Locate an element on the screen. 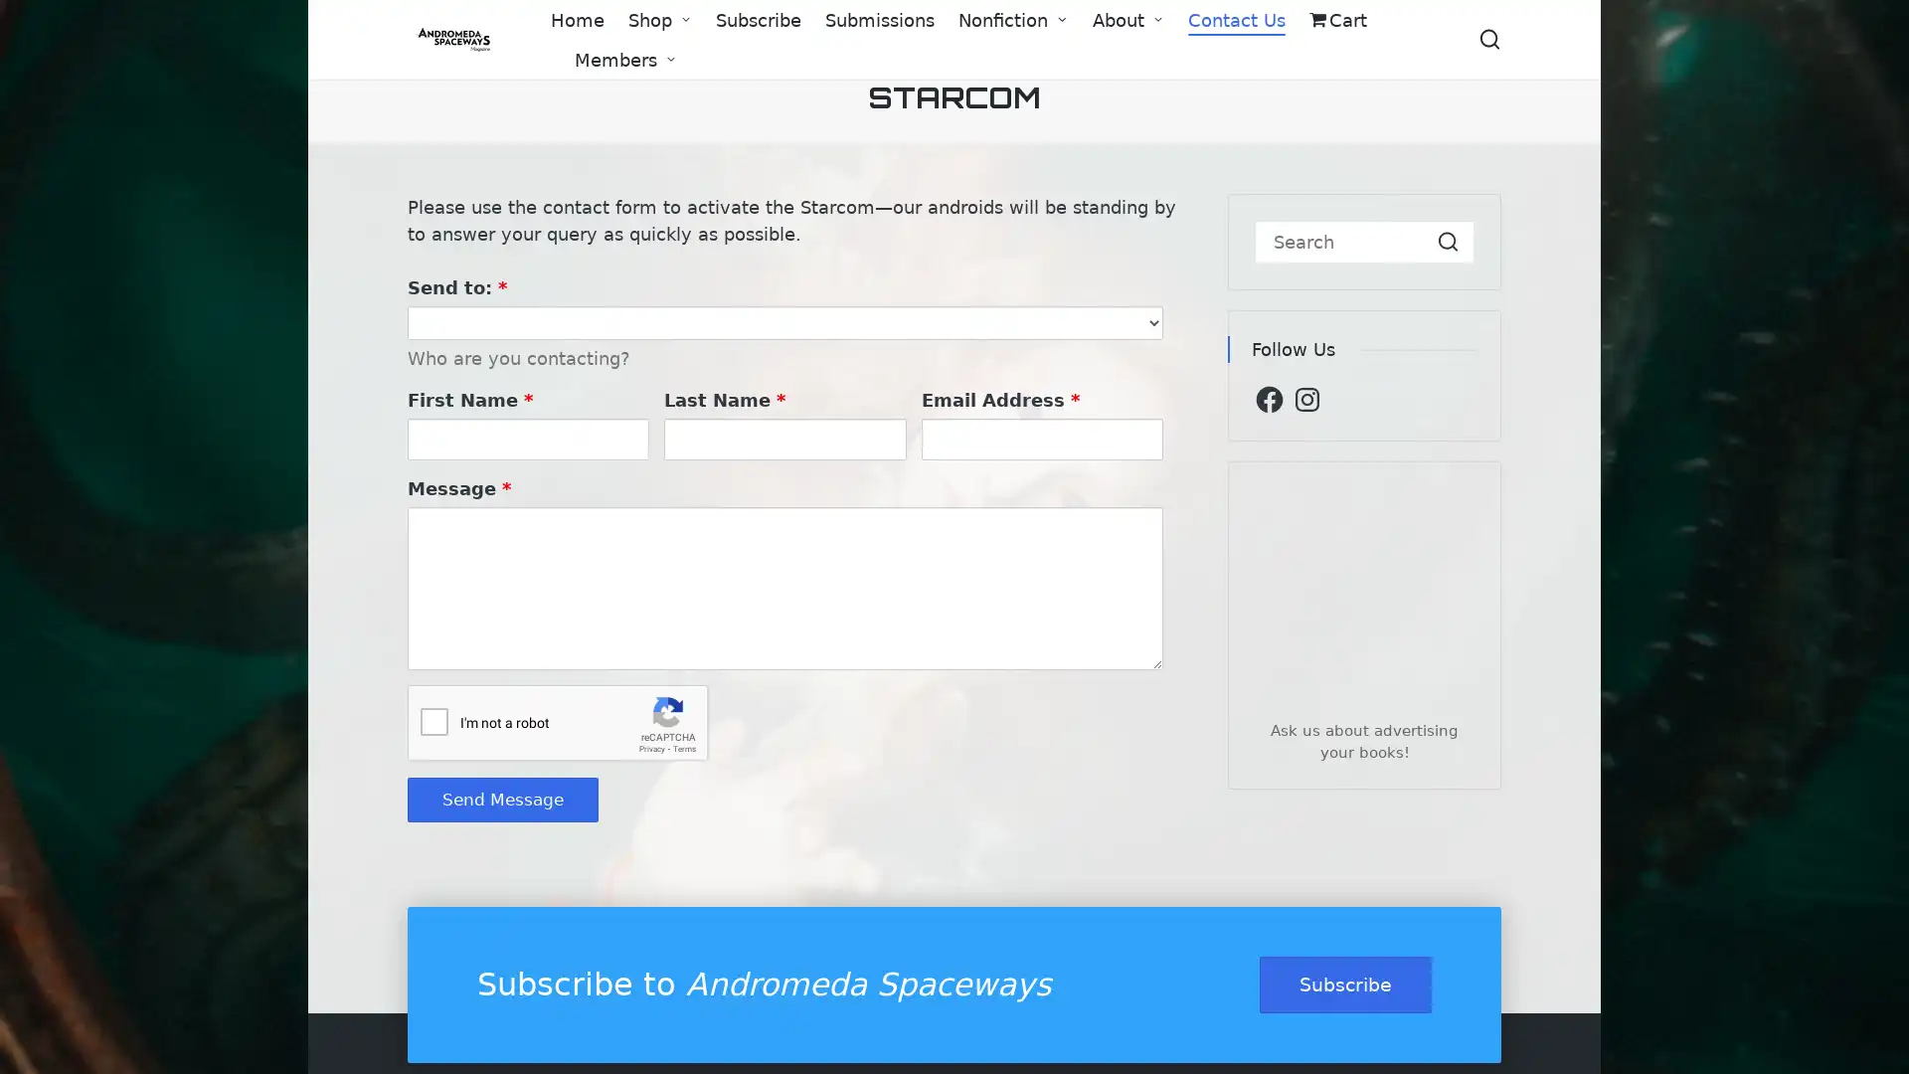 The width and height of the screenshot is (1909, 1074). Send Message is located at coordinates (502, 798).